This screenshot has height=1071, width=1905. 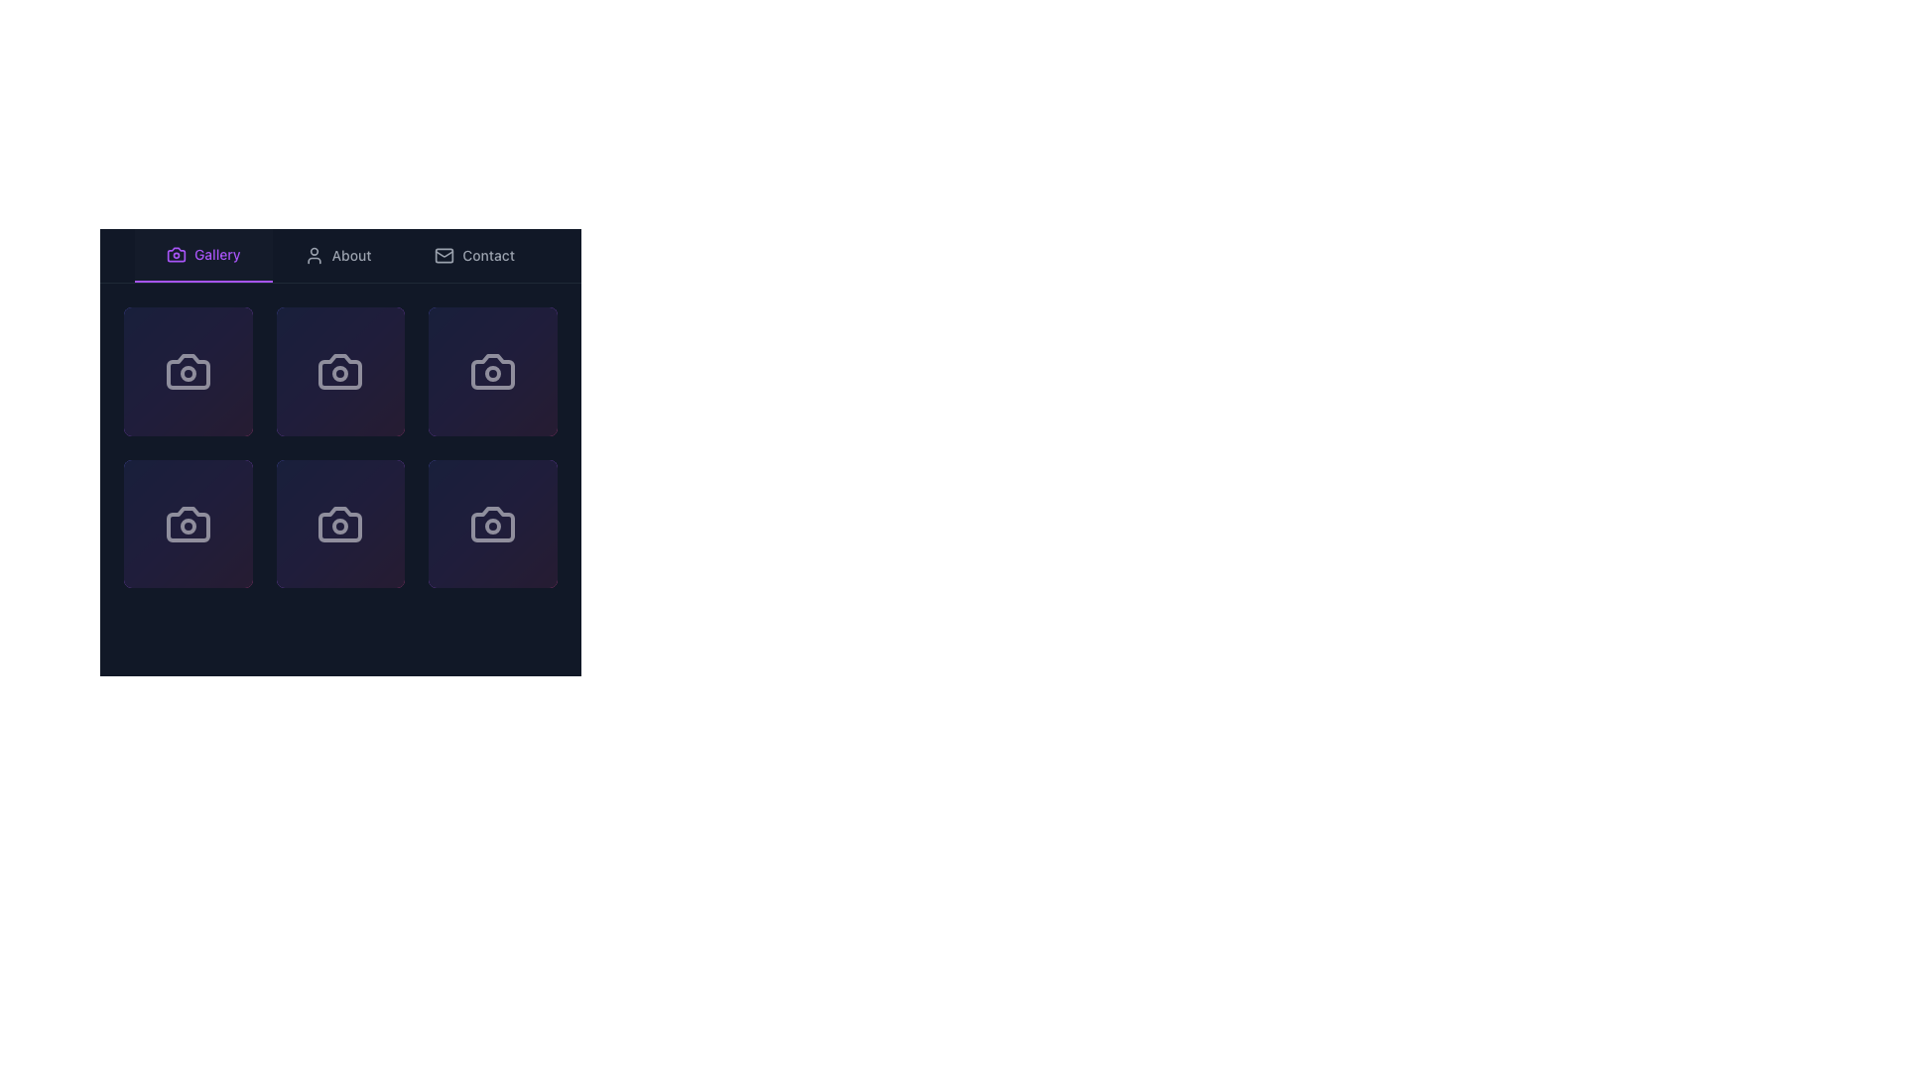 I want to click on the camera icon located in the first row, first column under the 'Gallery' tab, which has a rounded rectangular shape and a circular lens in the center, so click(x=188, y=371).